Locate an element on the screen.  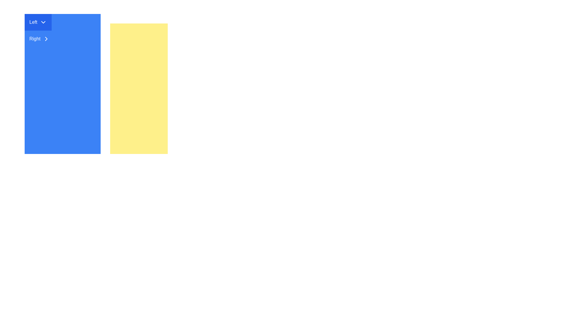
the Chevron Icon located to the right of the 'Right' text inside a blue rectangular button area is located at coordinates (46, 39).